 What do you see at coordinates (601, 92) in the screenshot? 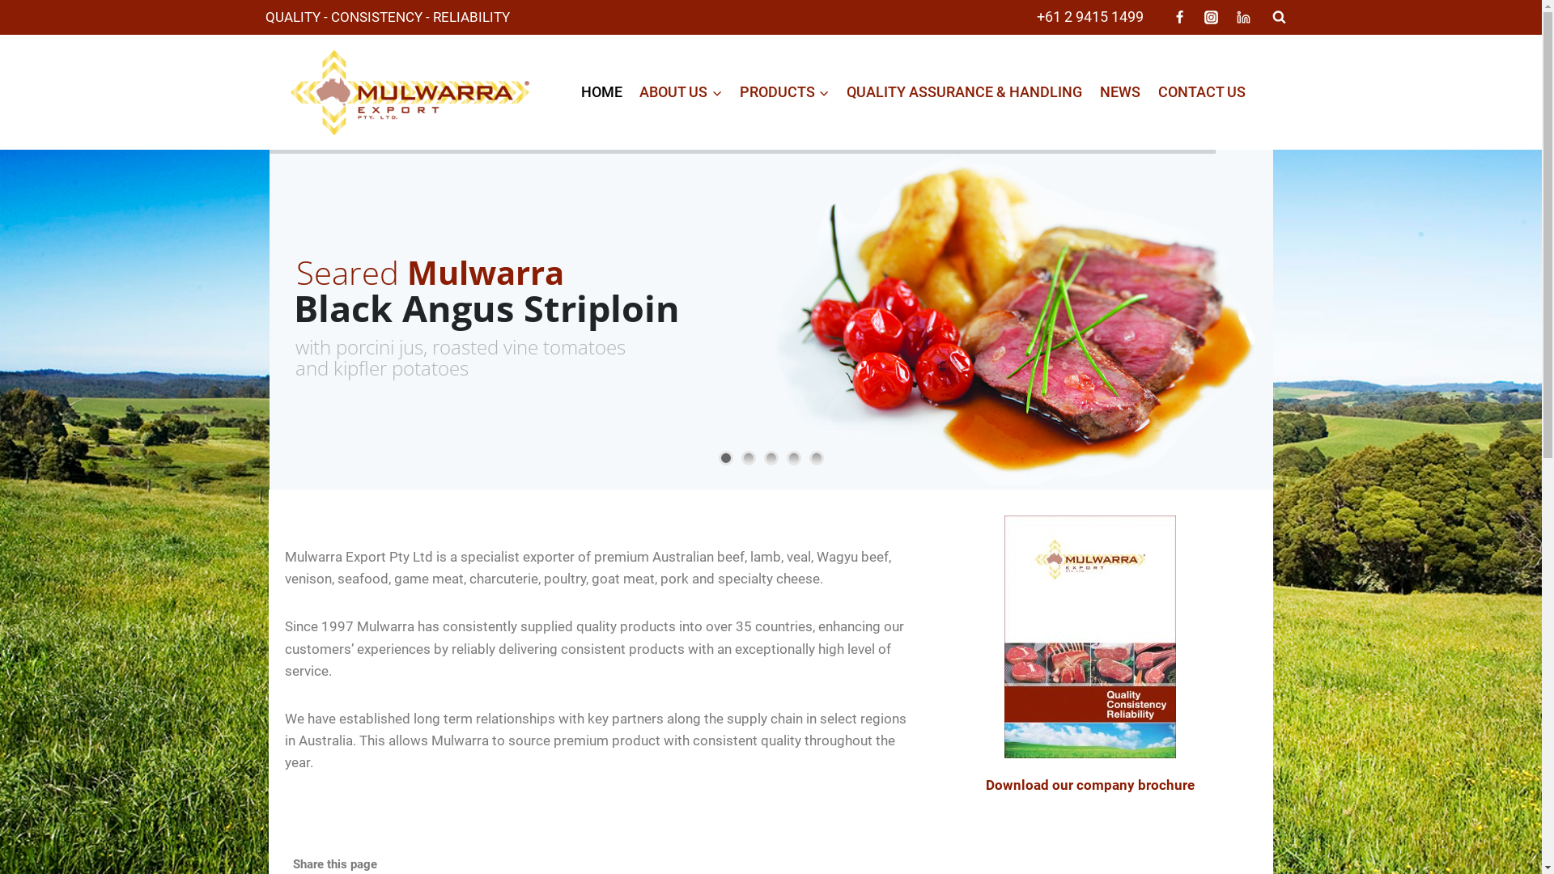
I see `'HOME'` at bounding box center [601, 92].